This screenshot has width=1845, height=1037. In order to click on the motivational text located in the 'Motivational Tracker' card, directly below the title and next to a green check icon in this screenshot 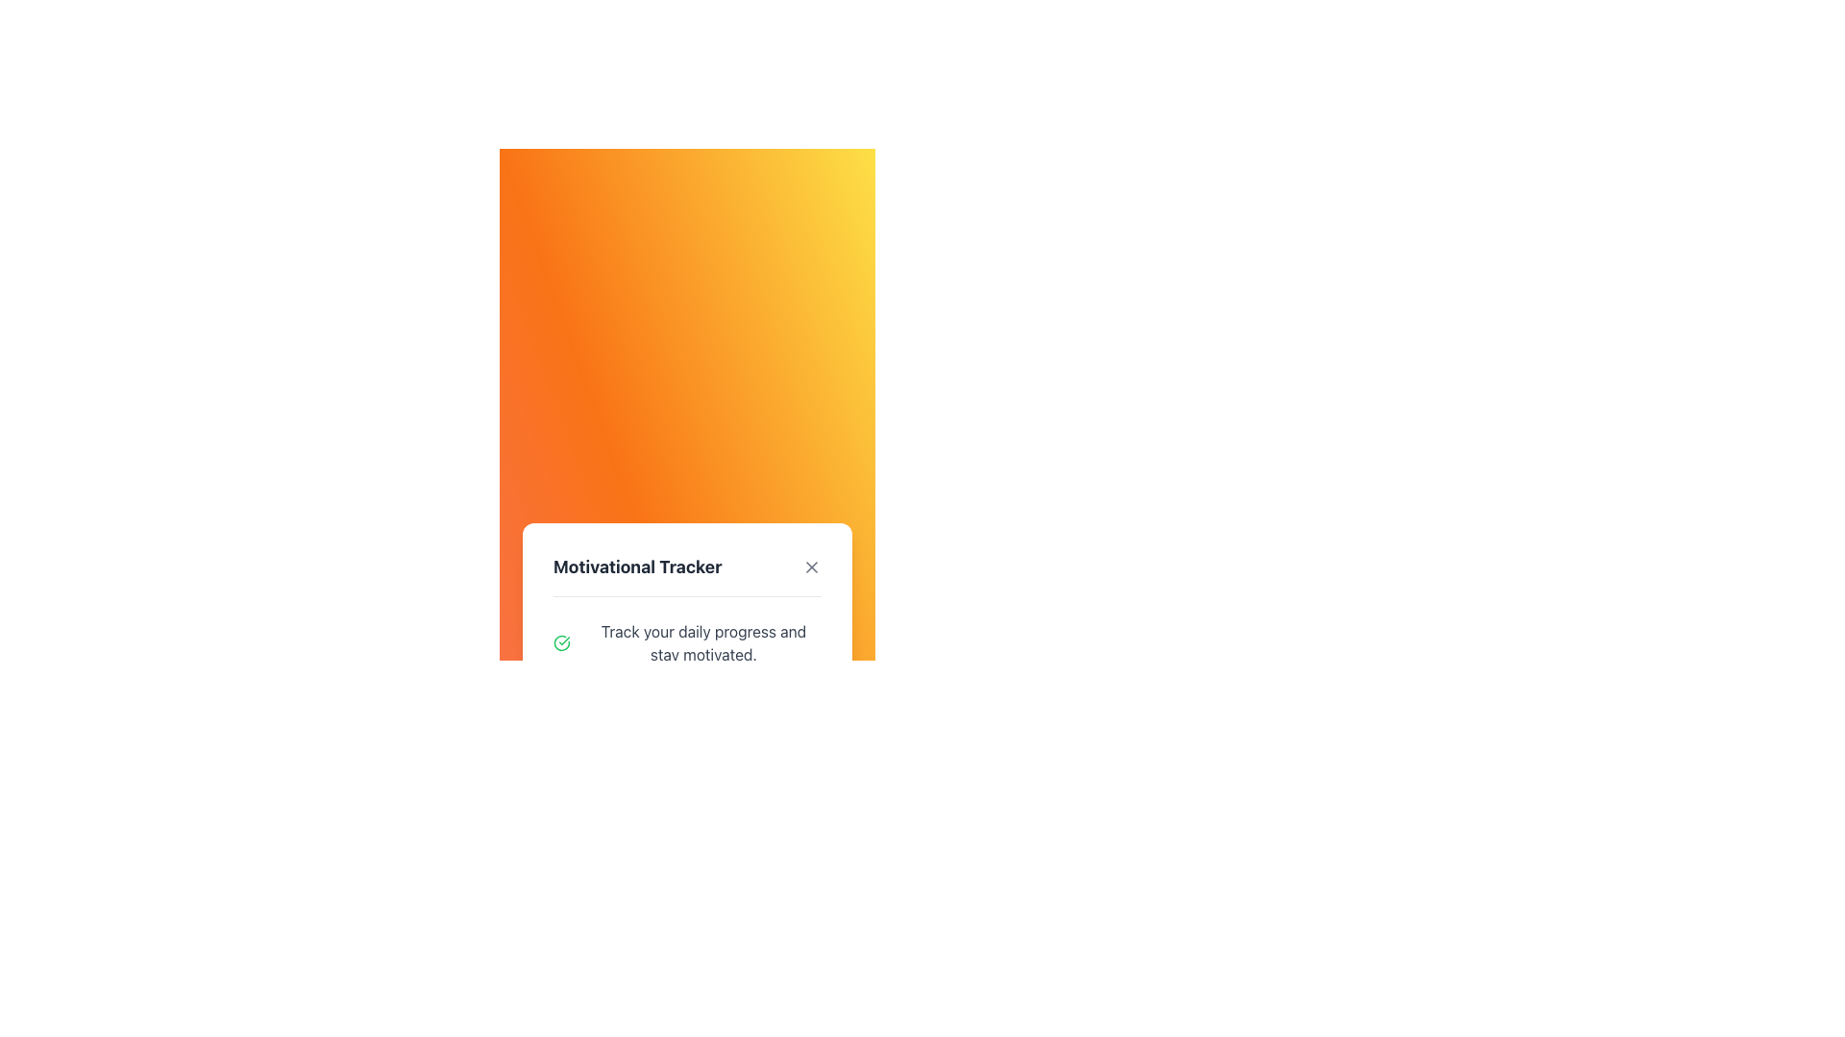, I will do `click(702, 642)`.